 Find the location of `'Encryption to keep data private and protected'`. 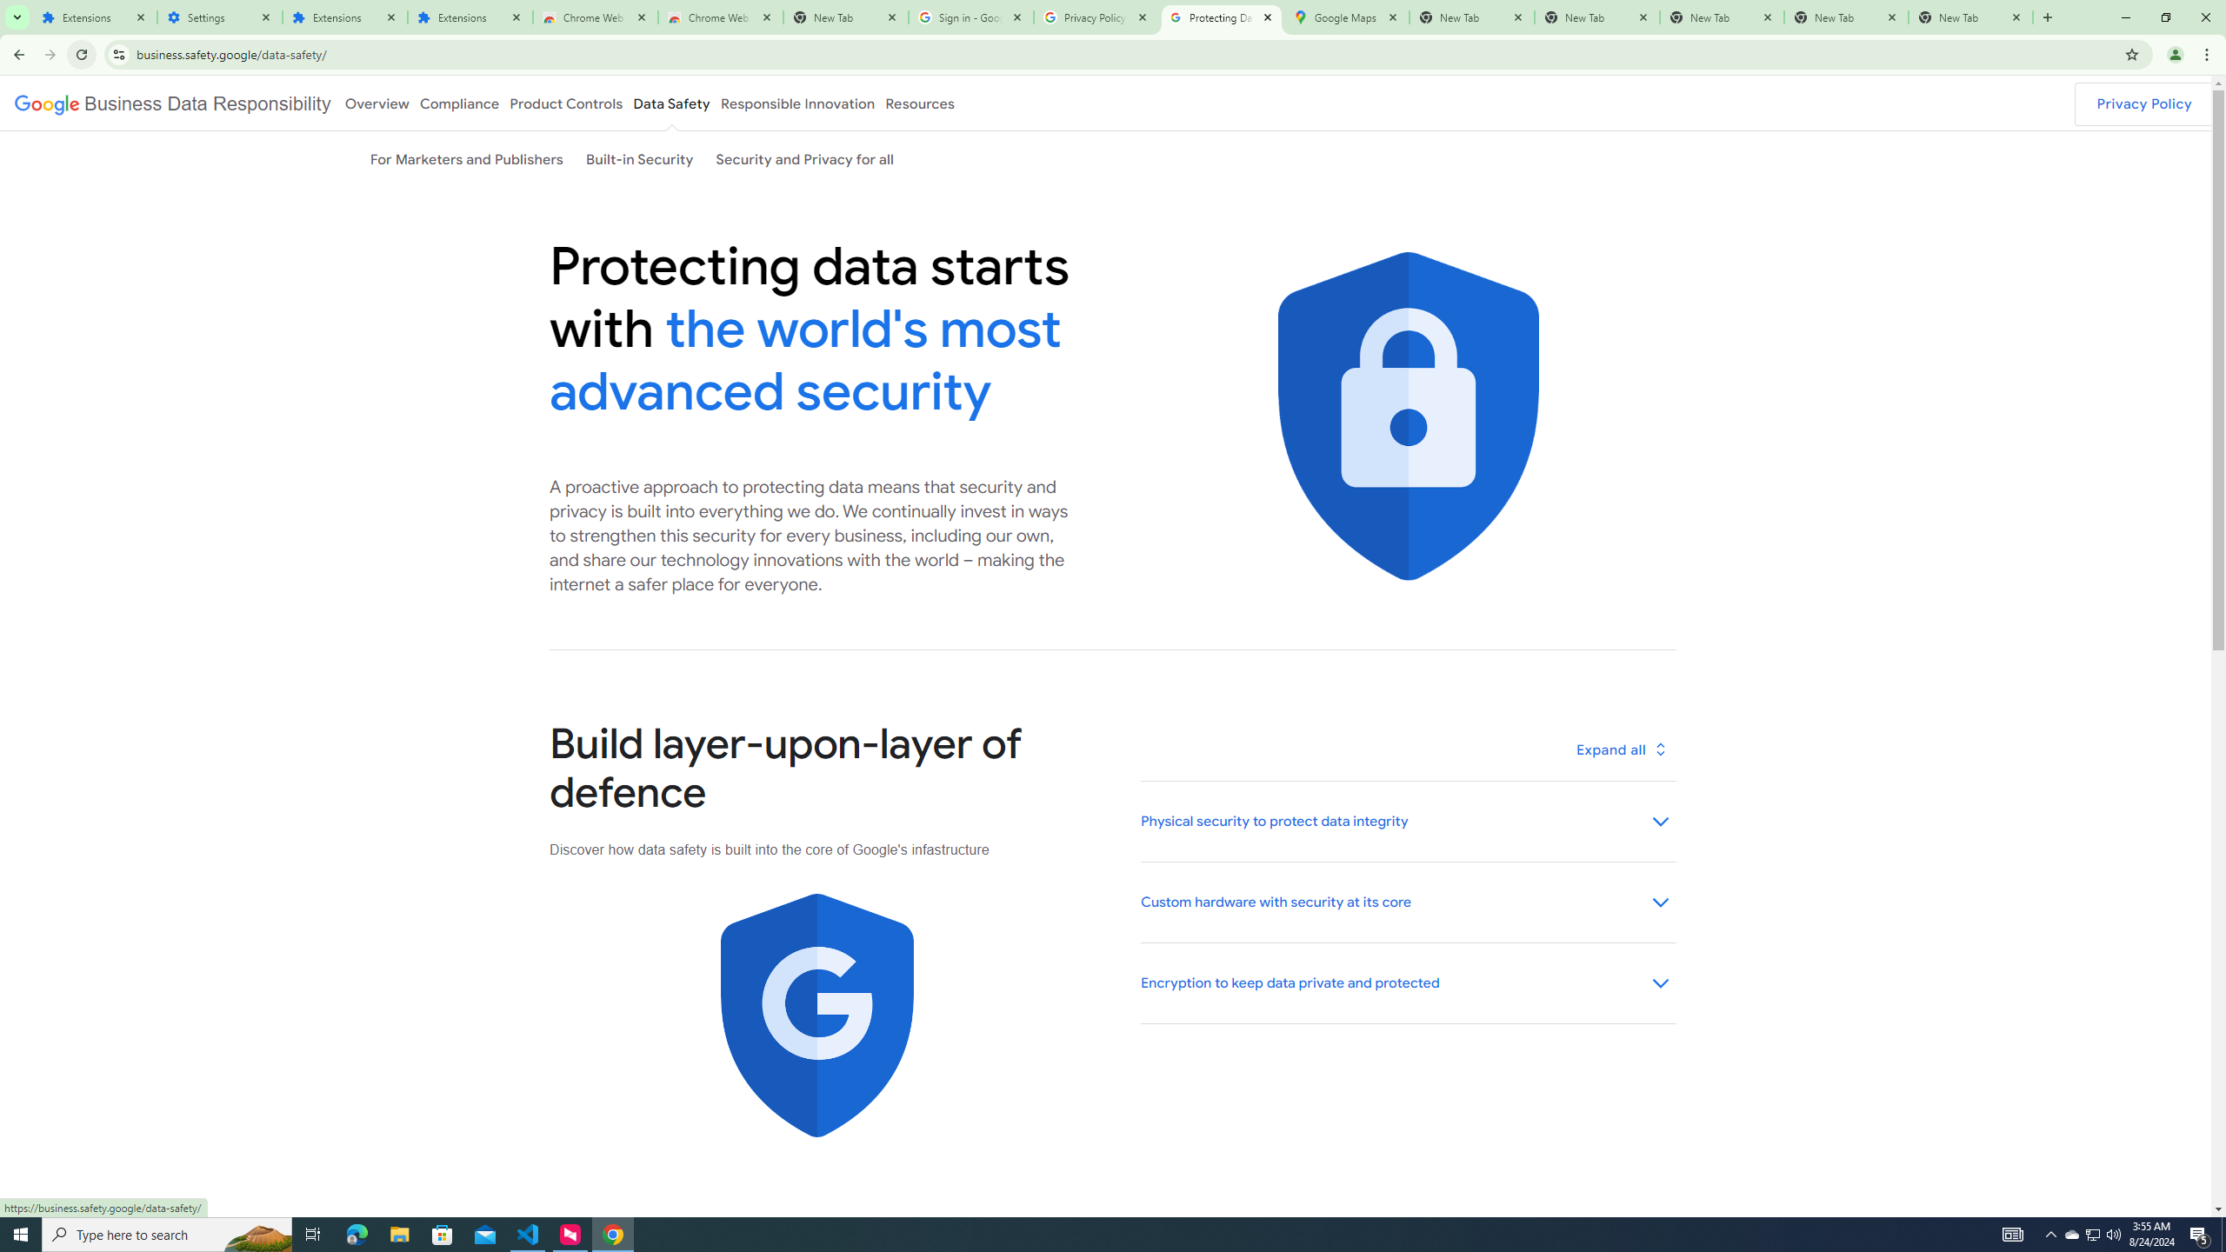

'Encryption to keep data private and protected' is located at coordinates (1407, 982).